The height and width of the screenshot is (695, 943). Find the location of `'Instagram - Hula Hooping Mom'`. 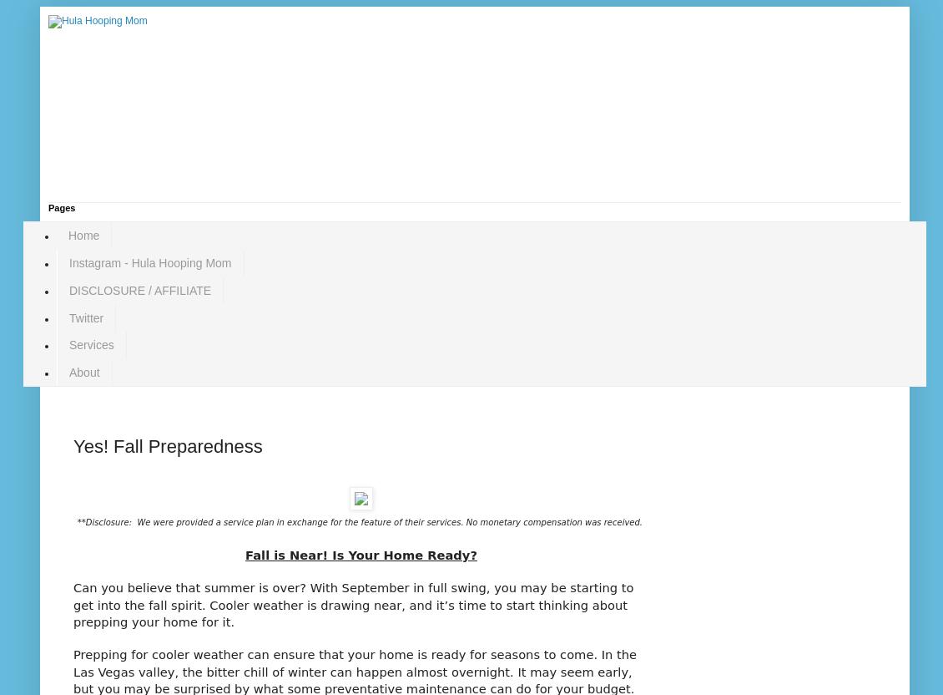

'Instagram - Hula Hooping Mom' is located at coordinates (150, 261).